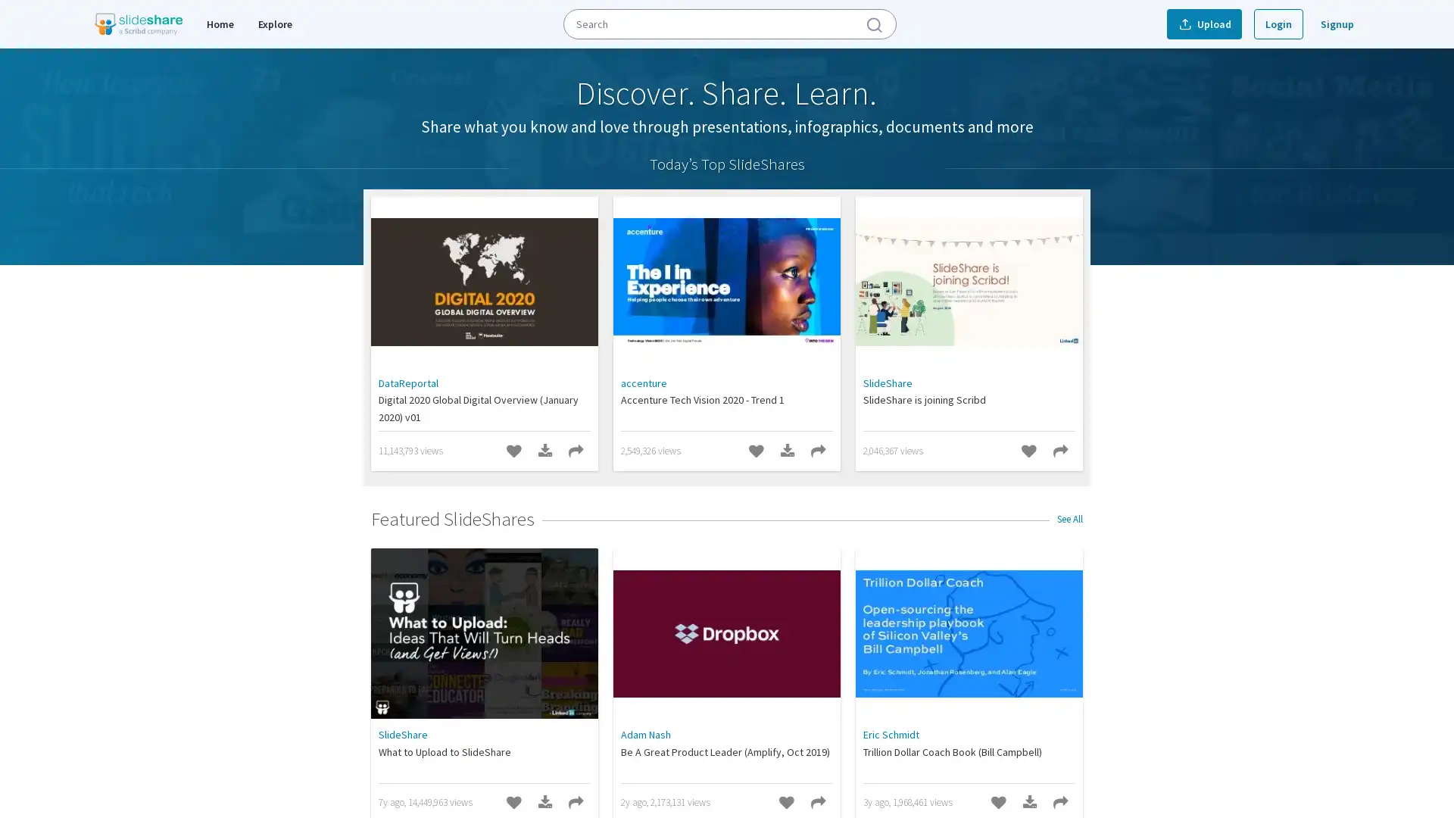  What do you see at coordinates (872, 24) in the screenshot?
I see `Submit Search` at bounding box center [872, 24].